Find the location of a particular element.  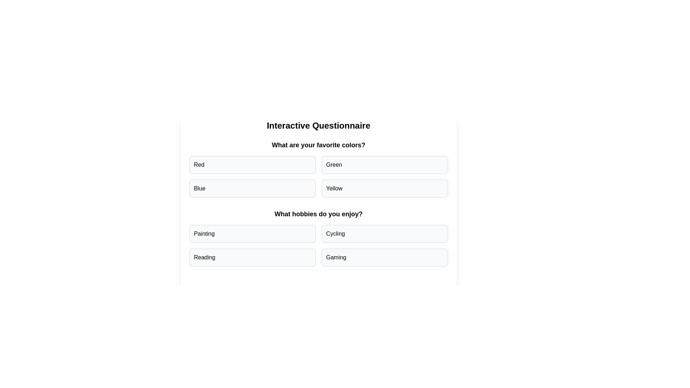

the answer option Yellow for the question What are your favorite colors? is located at coordinates (384, 188).